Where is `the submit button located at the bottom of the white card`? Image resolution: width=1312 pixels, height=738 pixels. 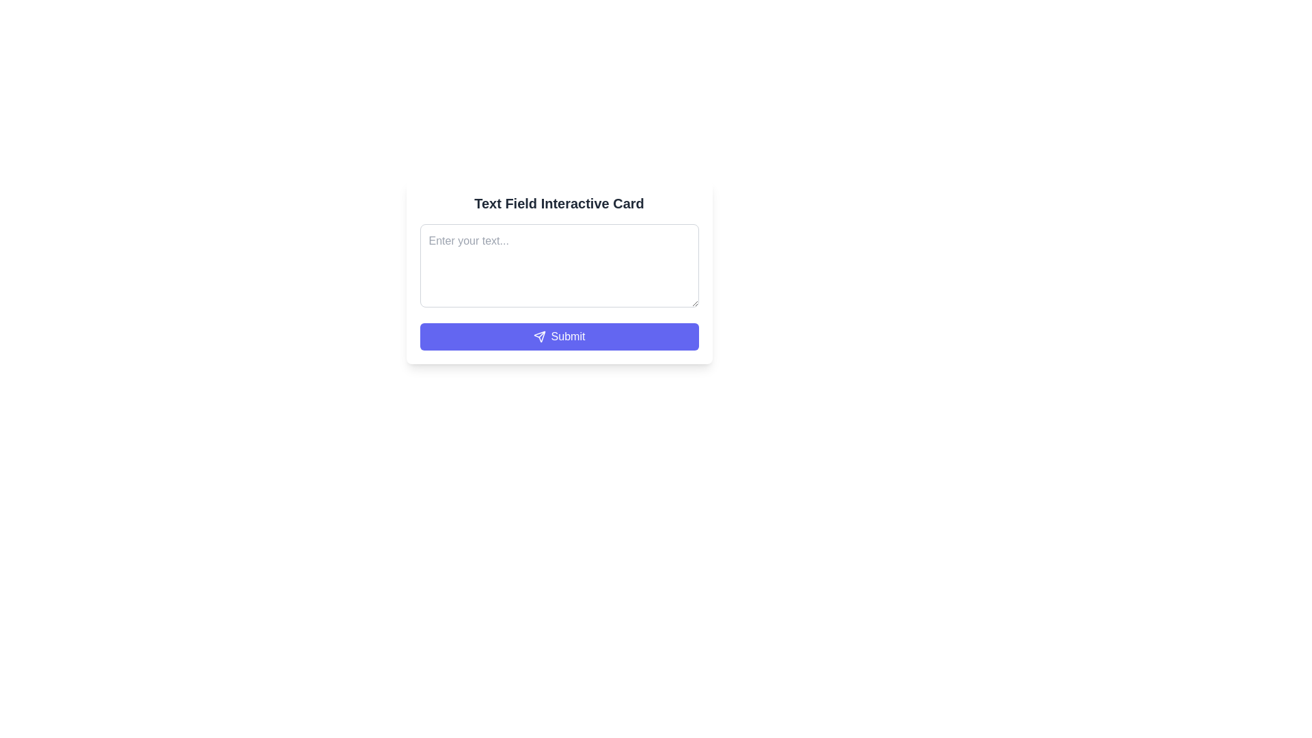
the submit button located at the bottom of the white card is located at coordinates (559, 337).